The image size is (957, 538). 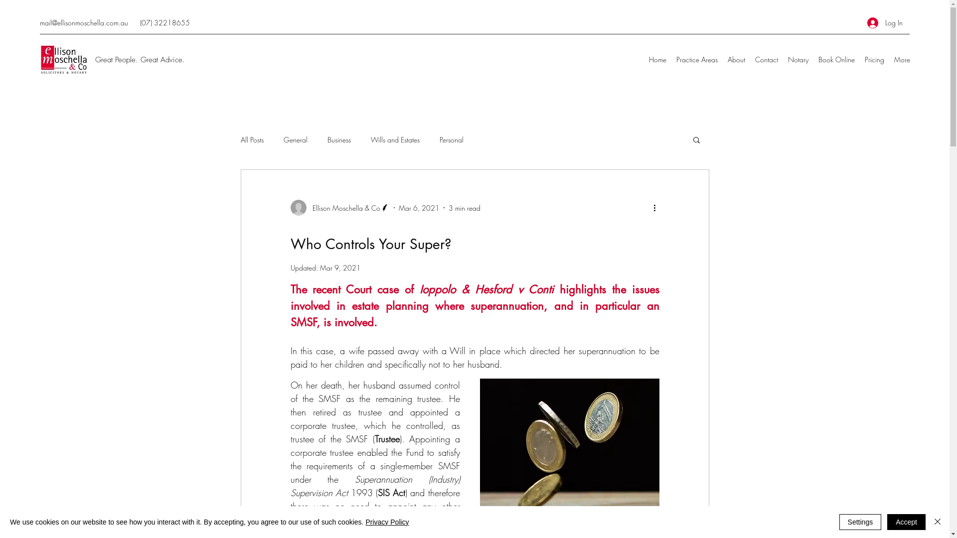 I want to click on 'Contact', so click(x=750, y=59).